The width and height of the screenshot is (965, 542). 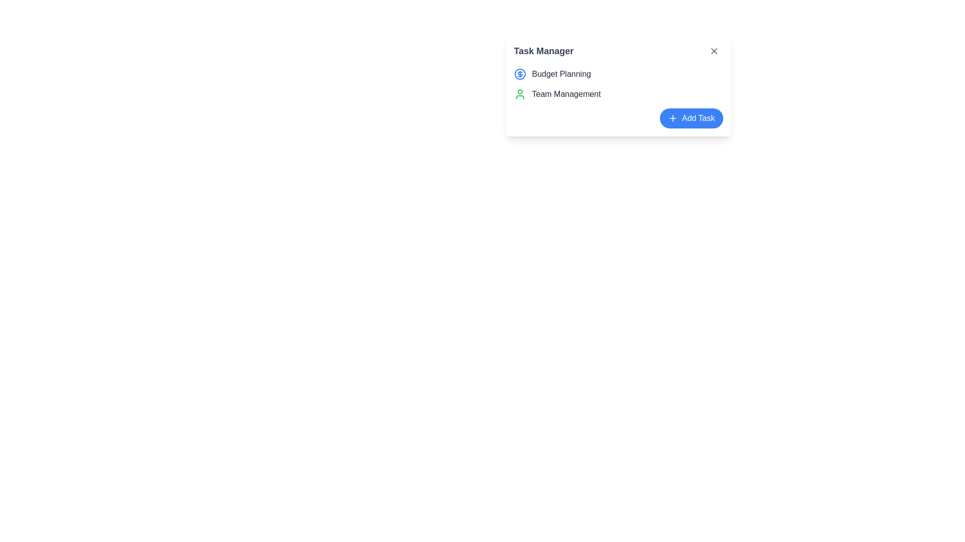 What do you see at coordinates (691, 117) in the screenshot?
I see `the horizontally elongated blue button with white text 'Add Task' and a white '+' icon` at bounding box center [691, 117].